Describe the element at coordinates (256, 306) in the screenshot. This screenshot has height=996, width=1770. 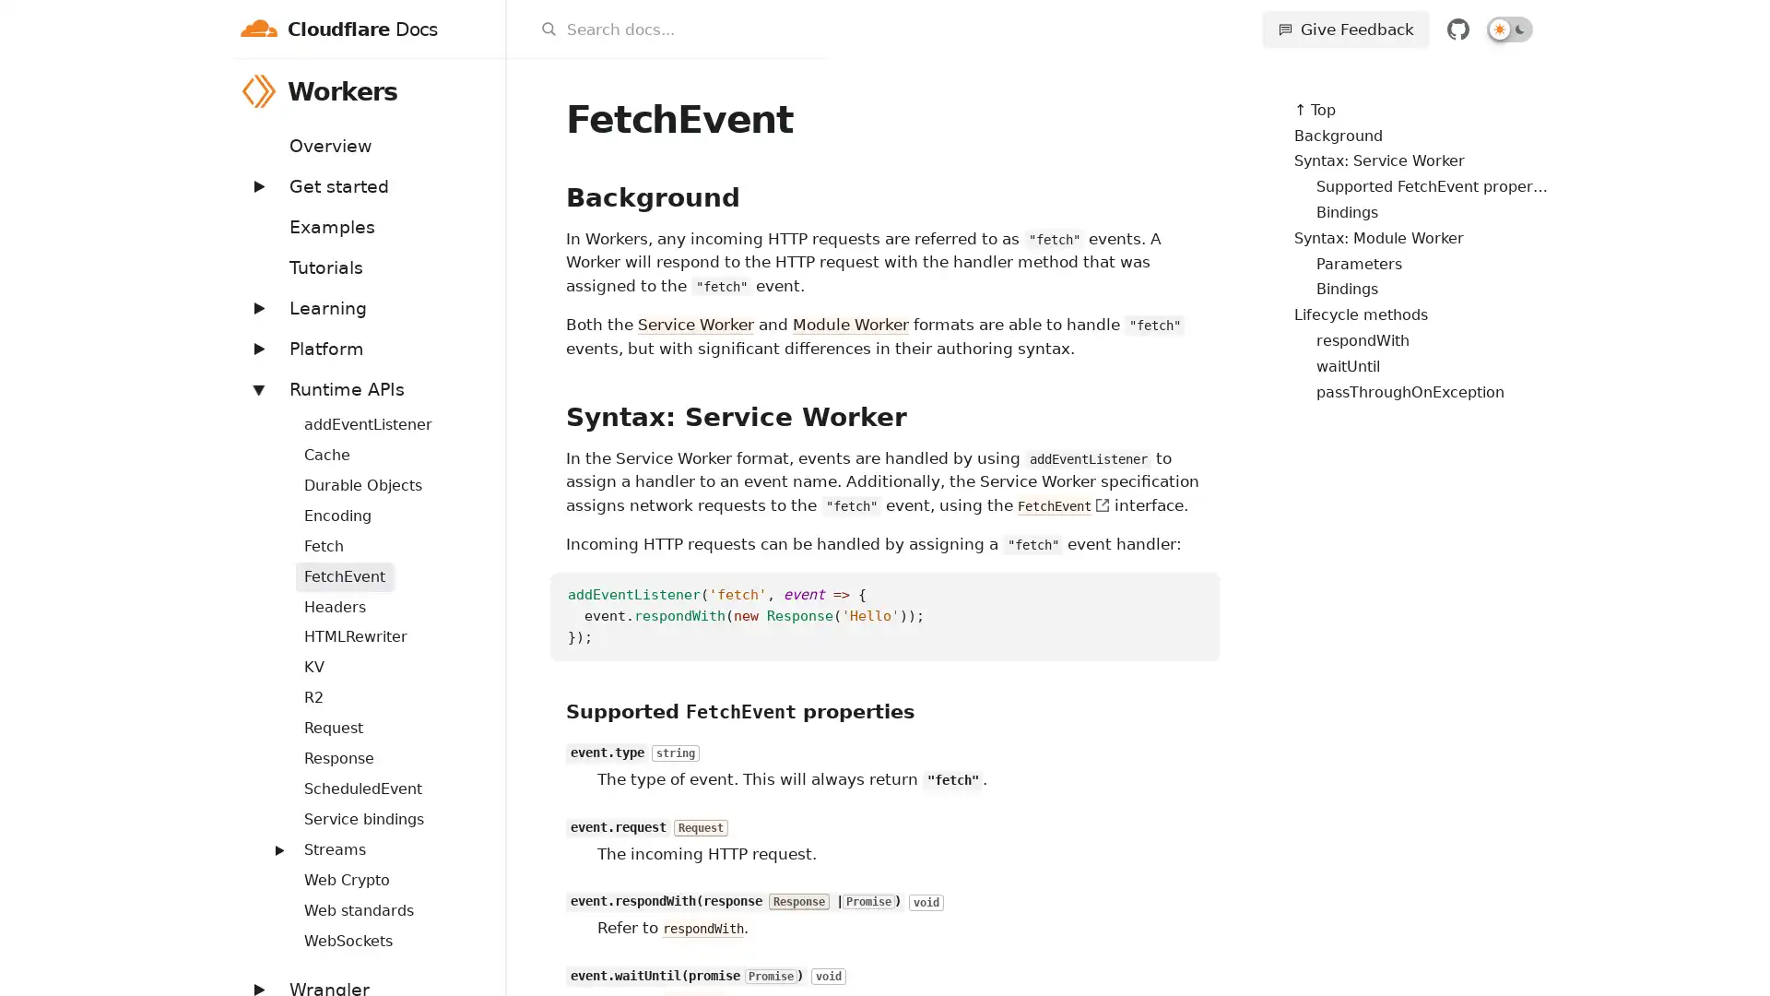
I see `Expand: Learning` at that location.